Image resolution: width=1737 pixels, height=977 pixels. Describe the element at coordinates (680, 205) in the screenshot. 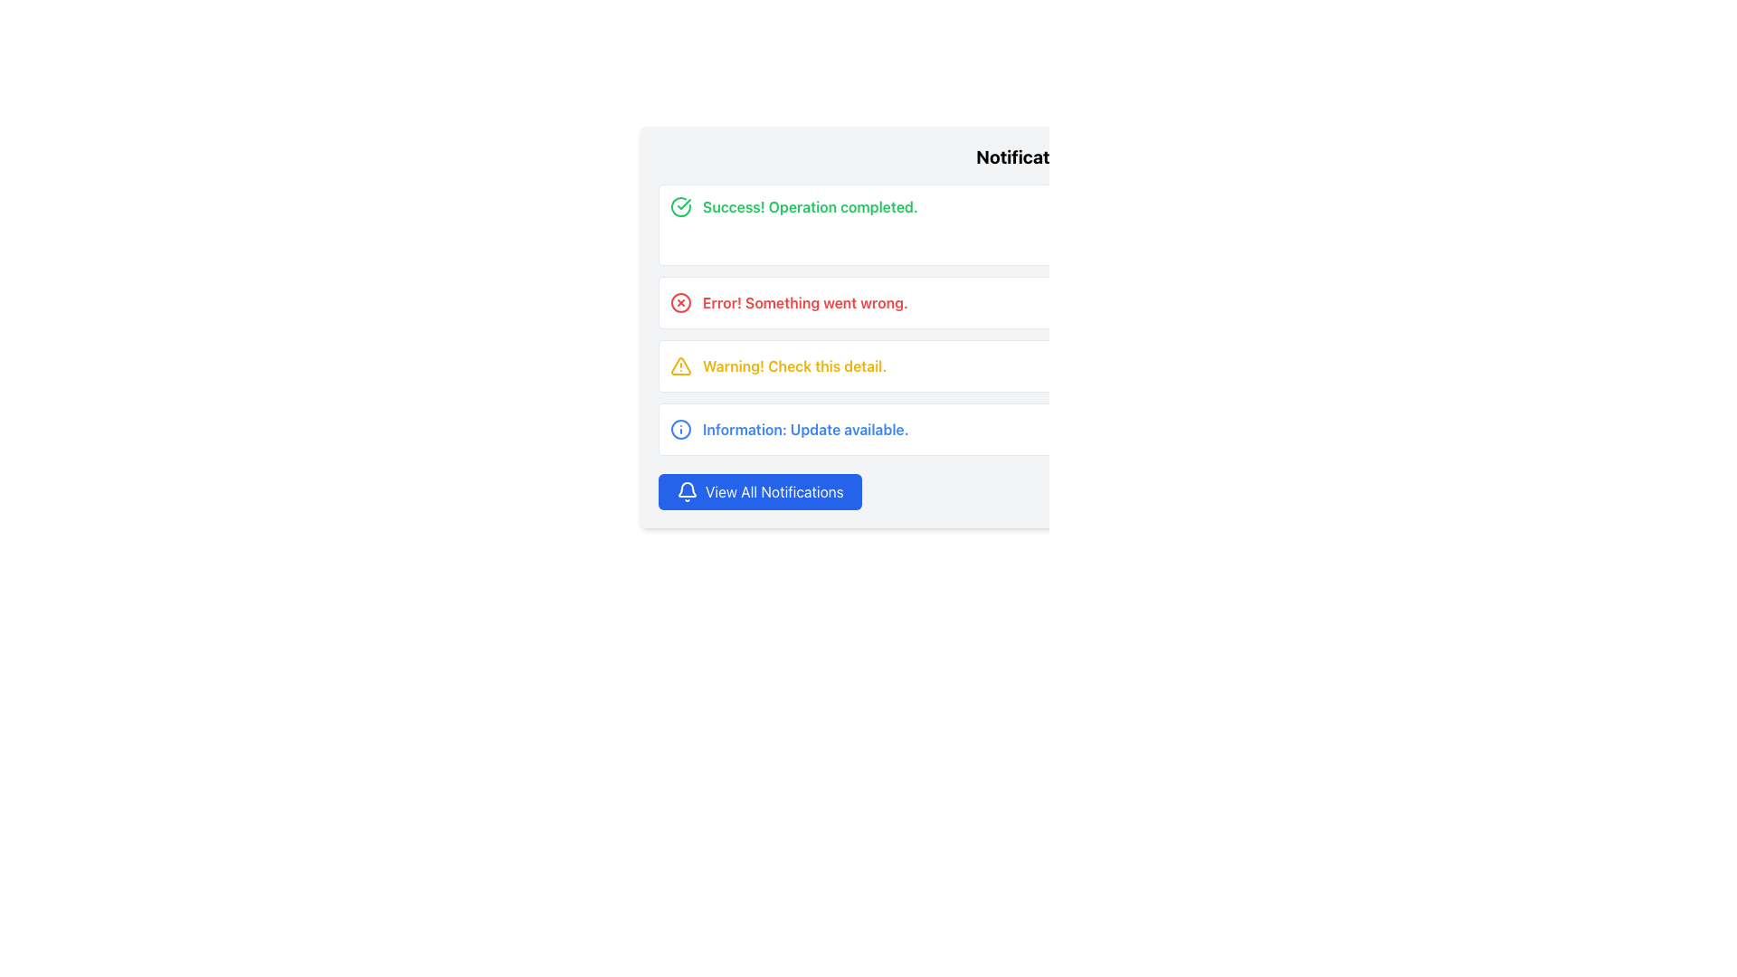

I see `the green circular icon representing a checkmark, which is aligned with the 'Success! Operation completed.' message in the notification list` at that location.